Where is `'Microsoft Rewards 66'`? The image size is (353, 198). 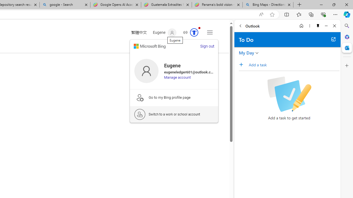 'Microsoft Rewards 66' is located at coordinates (189, 33).